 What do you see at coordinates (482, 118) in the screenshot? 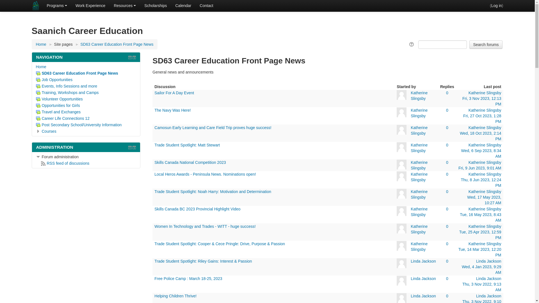
I see `'Fri, 27 Oct 2023, 1:28 PM'` at bounding box center [482, 118].